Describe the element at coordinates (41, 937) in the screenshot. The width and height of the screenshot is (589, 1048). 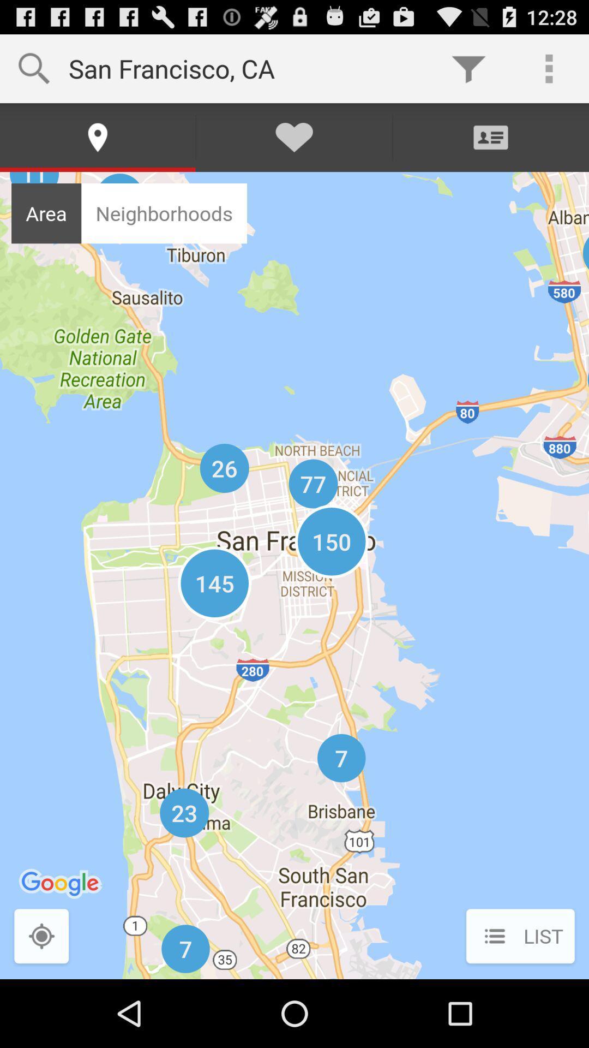
I see `turn on gps` at that location.